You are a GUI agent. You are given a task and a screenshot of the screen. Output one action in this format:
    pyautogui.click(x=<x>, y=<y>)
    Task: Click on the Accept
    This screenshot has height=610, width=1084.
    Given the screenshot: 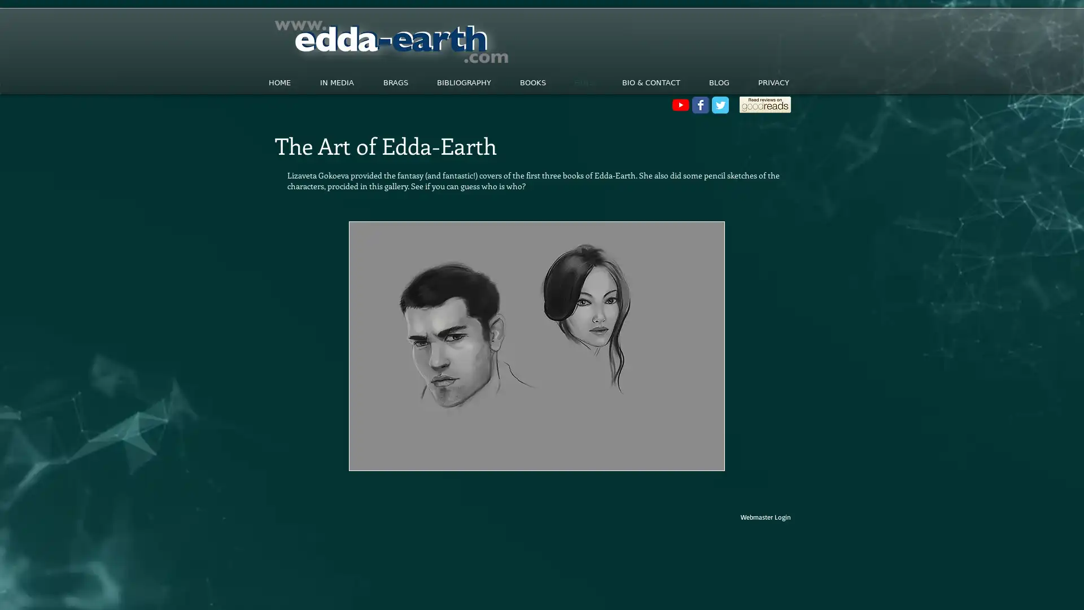 What is the action you would take?
    pyautogui.click(x=1033, y=590)
    